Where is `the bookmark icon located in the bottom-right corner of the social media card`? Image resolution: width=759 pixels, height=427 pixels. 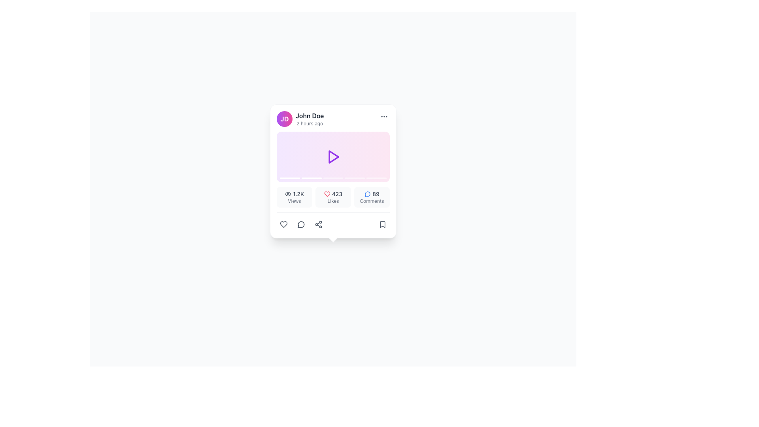 the bookmark icon located in the bottom-right corner of the social media card is located at coordinates (383, 224).